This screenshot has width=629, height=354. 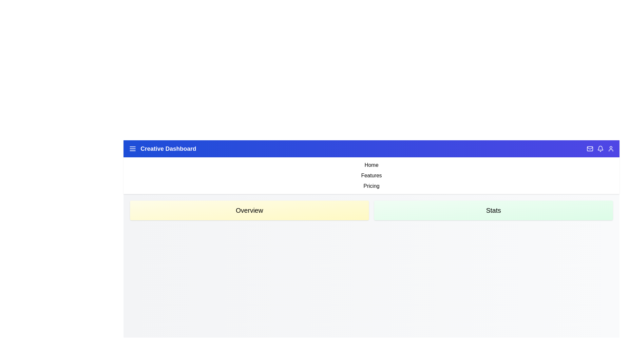 What do you see at coordinates (600, 149) in the screenshot?
I see `the Bell icon in the header` at bounding box center [600, 149].